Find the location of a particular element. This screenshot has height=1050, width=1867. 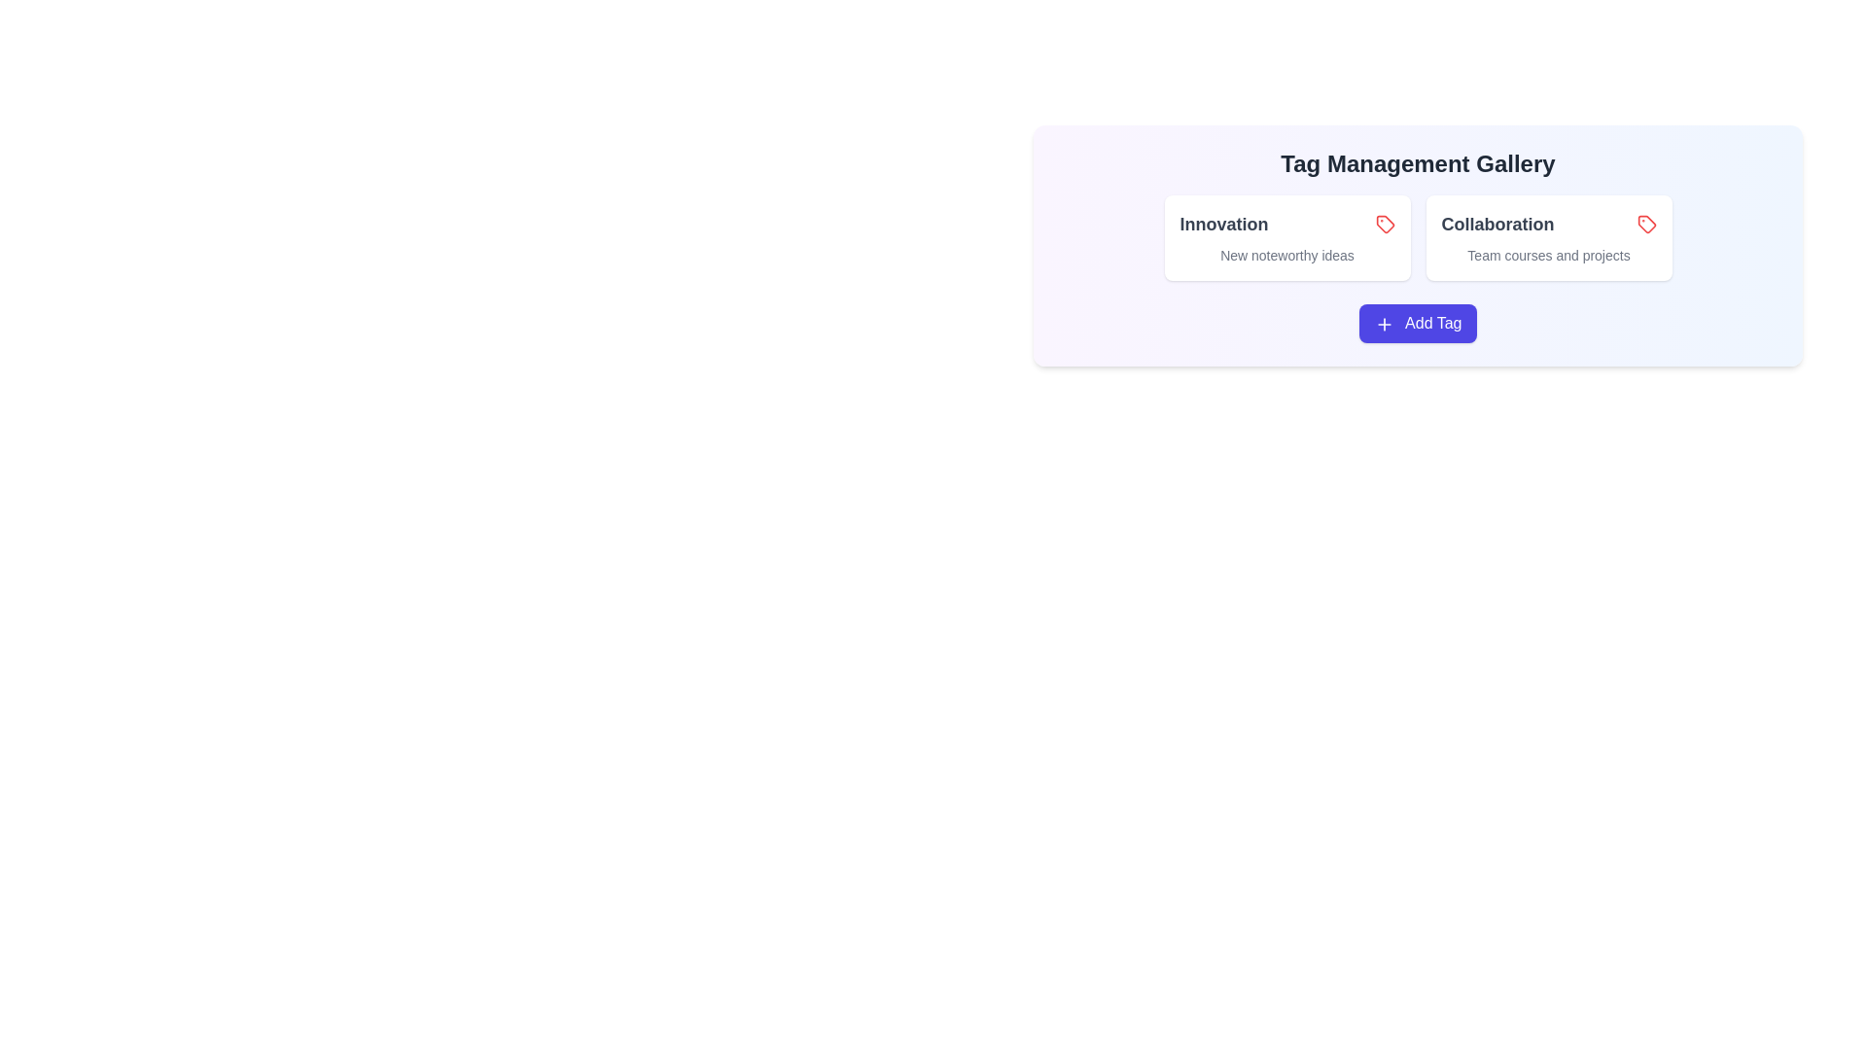

the 'Add Tag' button, which is a vibrant indigo button with white text and a plus sign icon, located at the bottom center of the 'Tag Management Gallery' section is located at coordinates (1418, 322).